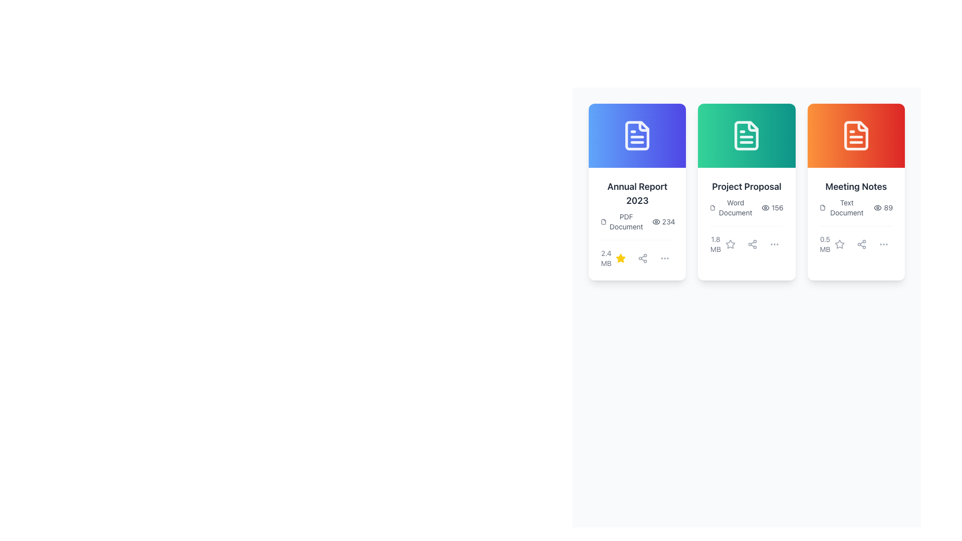  Describe the element at coordinates (883, 244) in the screenshot. I see `the overflow menu icon button located at the bottom-right corner of the 'Meeting Notes' card, which is the third icon` at that location.